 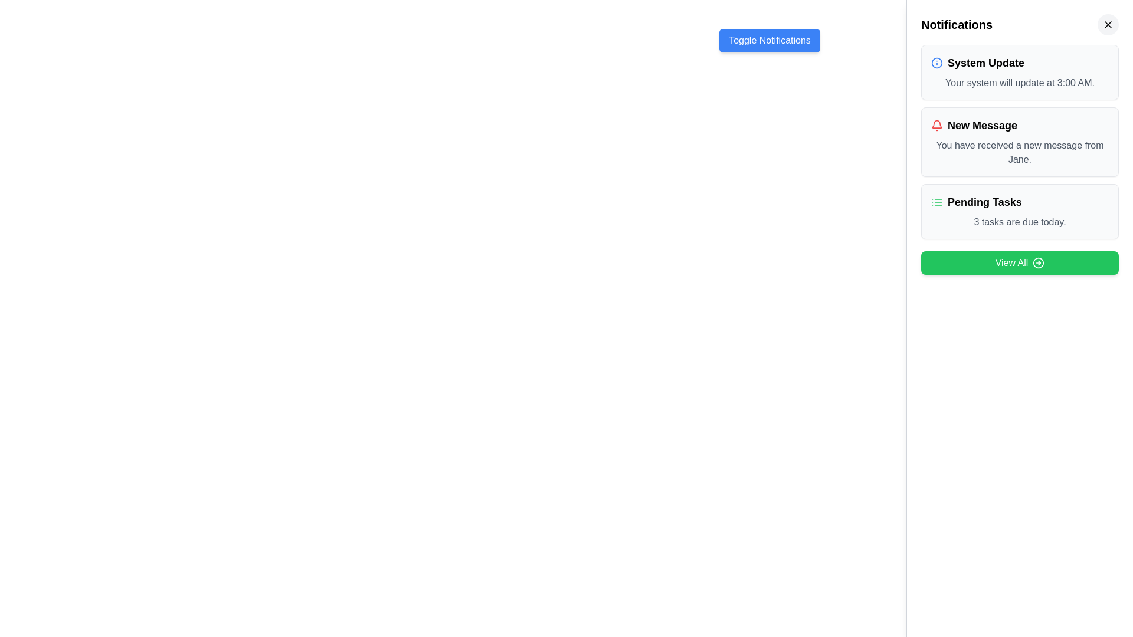 I want to click on notification title located at the top-center of the notification card, summarizing that a new message has been received, so click(x=1019, y=125).